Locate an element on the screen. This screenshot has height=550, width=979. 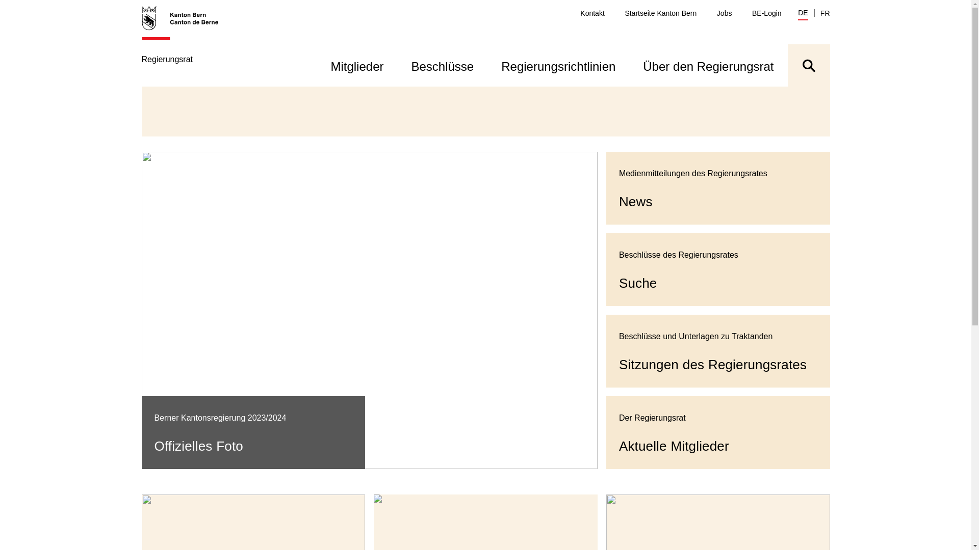
'Jobs' is located at coordinates (724, 13).